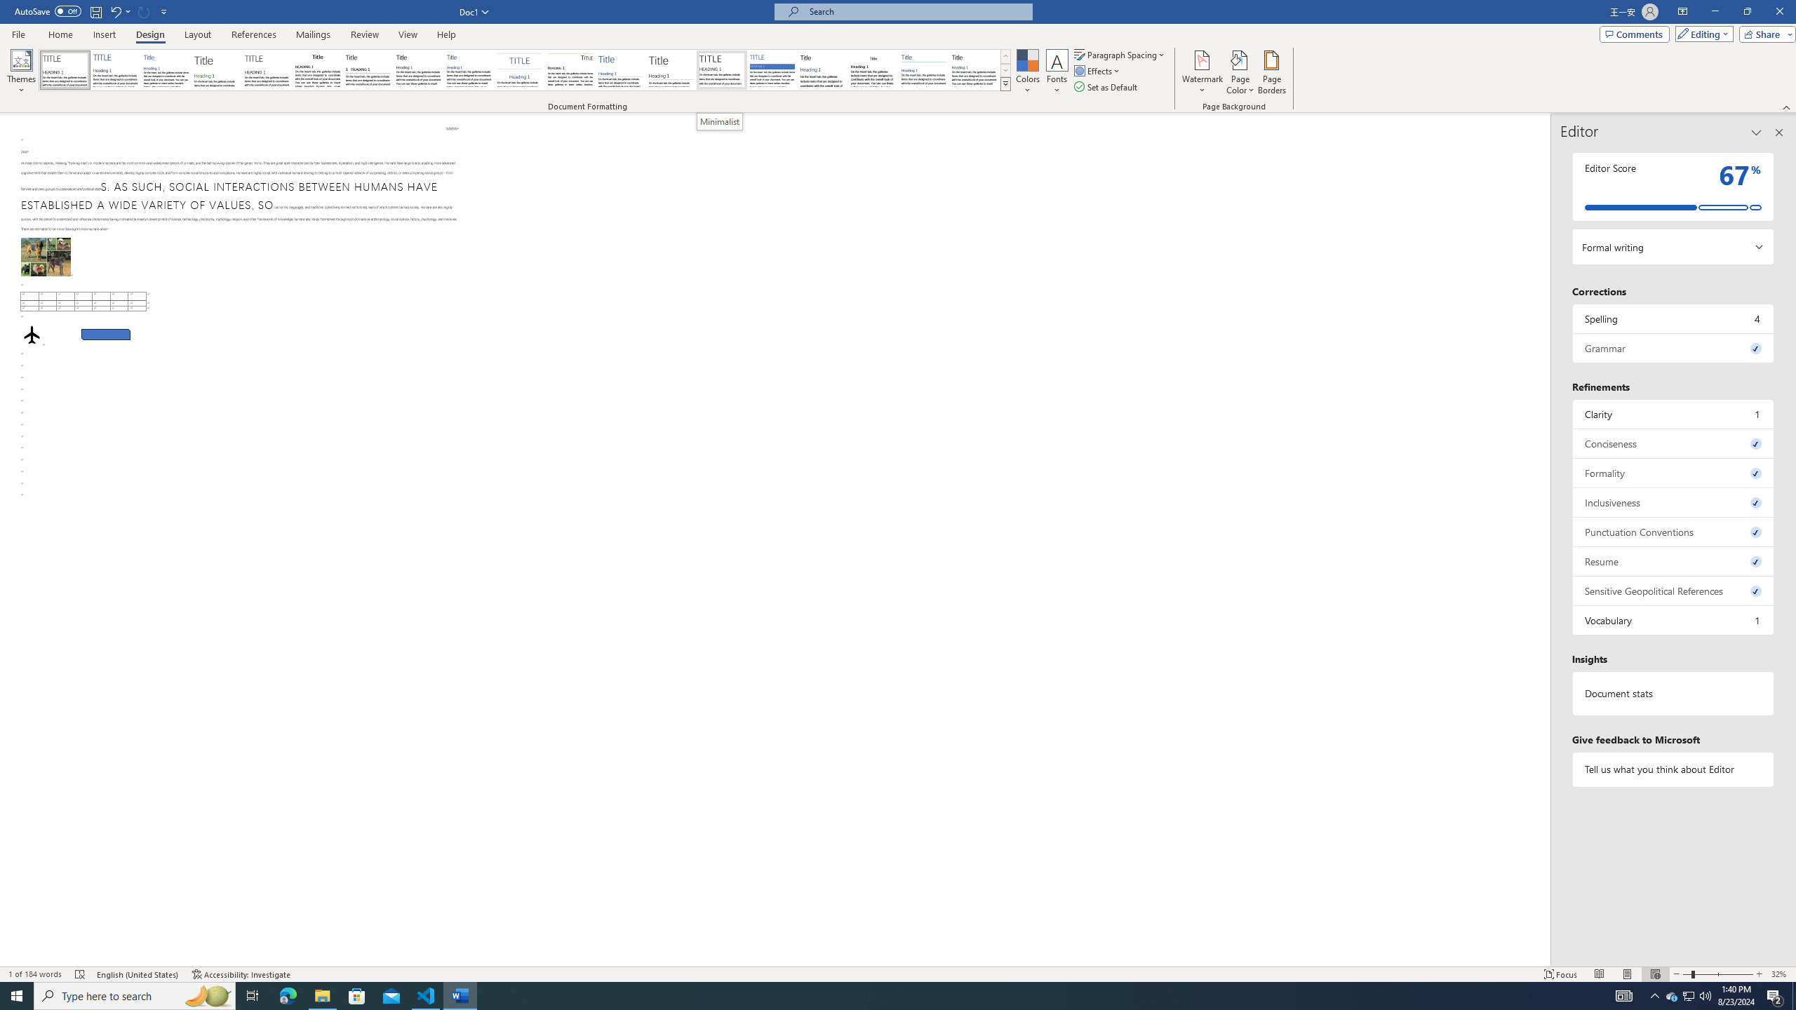 The height and width of the screenshot is (1010, 1796). What do you see at coordinates (1673, 693) in the screenshot?
I see `'Document statistics'` at bounding box center [1673, 693].